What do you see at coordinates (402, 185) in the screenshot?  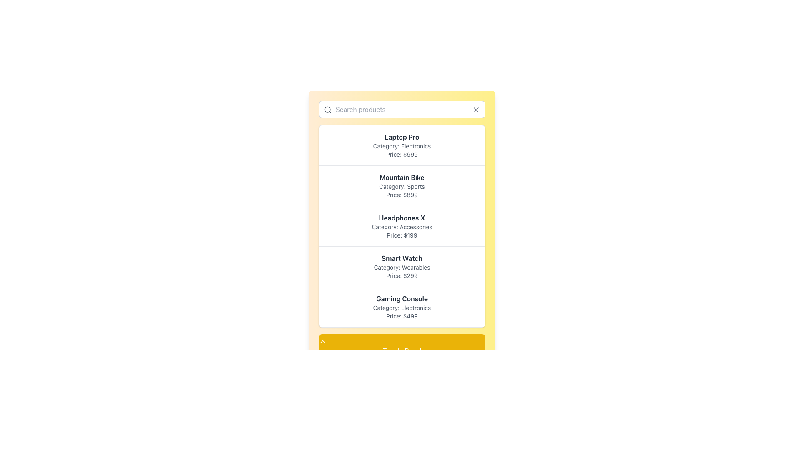 I see `the text-based display list item representing the product 'Mountain Bike', which is located between 'Laptop Pro' and 'Headphones X' in the vertical list` at bounding box center [402, 185].